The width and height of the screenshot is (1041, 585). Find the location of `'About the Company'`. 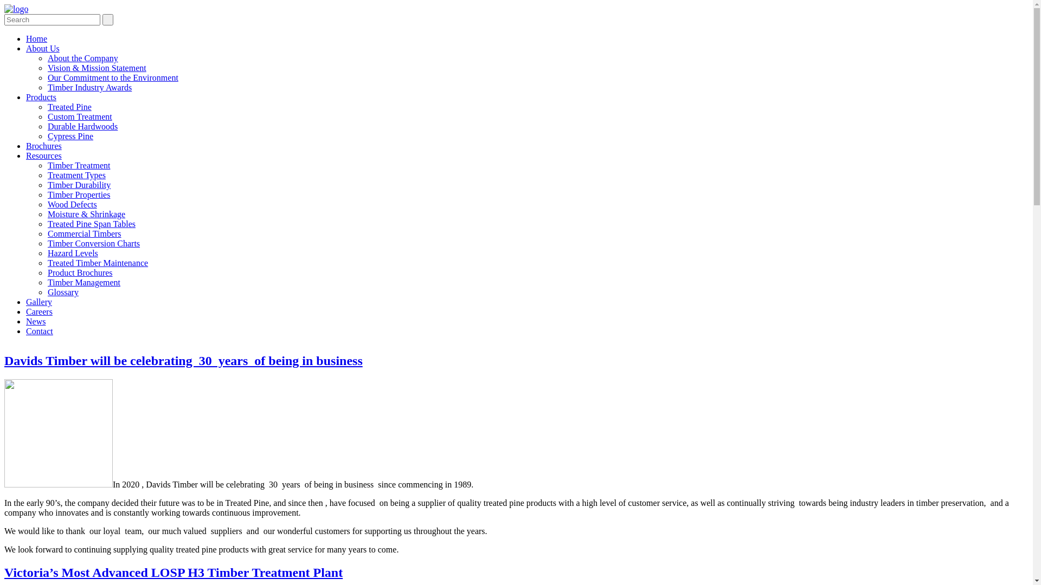

'About the Company' is located at coordinates (47, 58).